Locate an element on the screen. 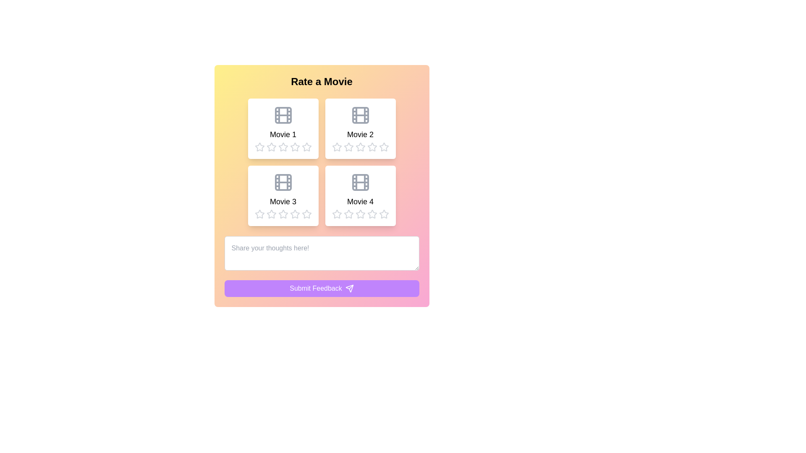  on the third star icon in the row of five rating stars located beneath the 'Movie 4' card is located at coordinates (360, 213).